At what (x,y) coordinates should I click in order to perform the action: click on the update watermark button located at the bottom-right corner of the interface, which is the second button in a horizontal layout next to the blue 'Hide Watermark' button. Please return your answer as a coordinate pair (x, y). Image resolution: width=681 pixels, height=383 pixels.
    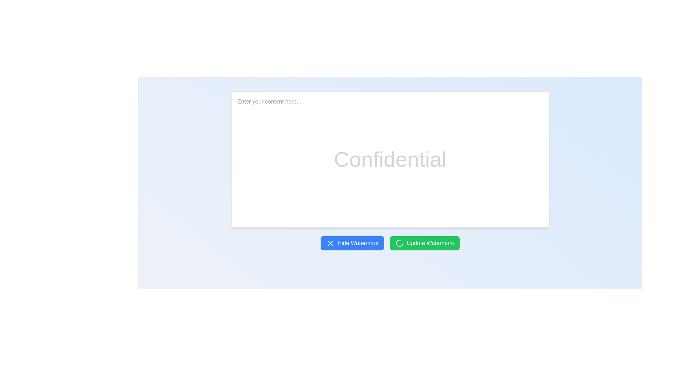
    Looking at the image, I should click on (425, 243).